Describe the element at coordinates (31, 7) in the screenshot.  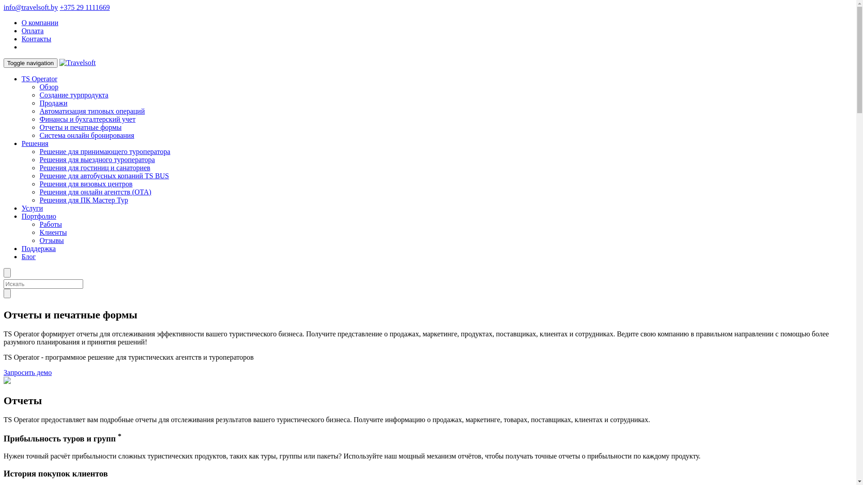
I see `'info@travelsoft.by'` at that location.